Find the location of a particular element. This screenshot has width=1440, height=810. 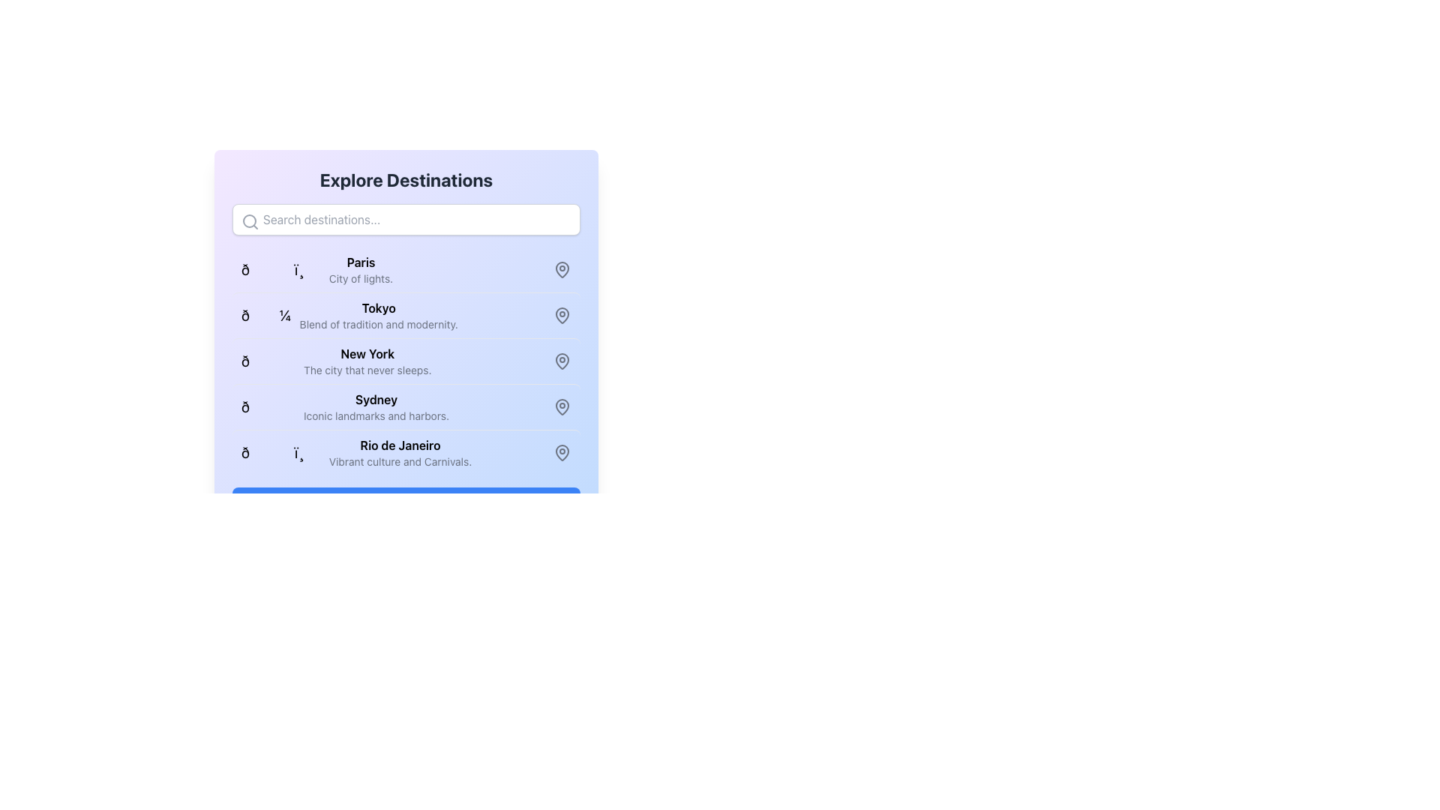

the List Item representing the city of Paris in the destination list is located at coordinates (316, 268).